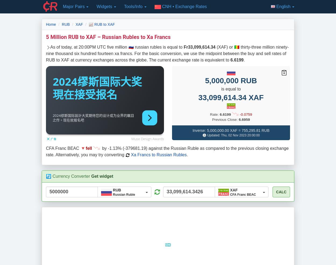 The width and height of the screenshot is (336, 265). Describe the element at coordinates (212, 119) in the screenshot. I see `'Previous Close:'` at that location.